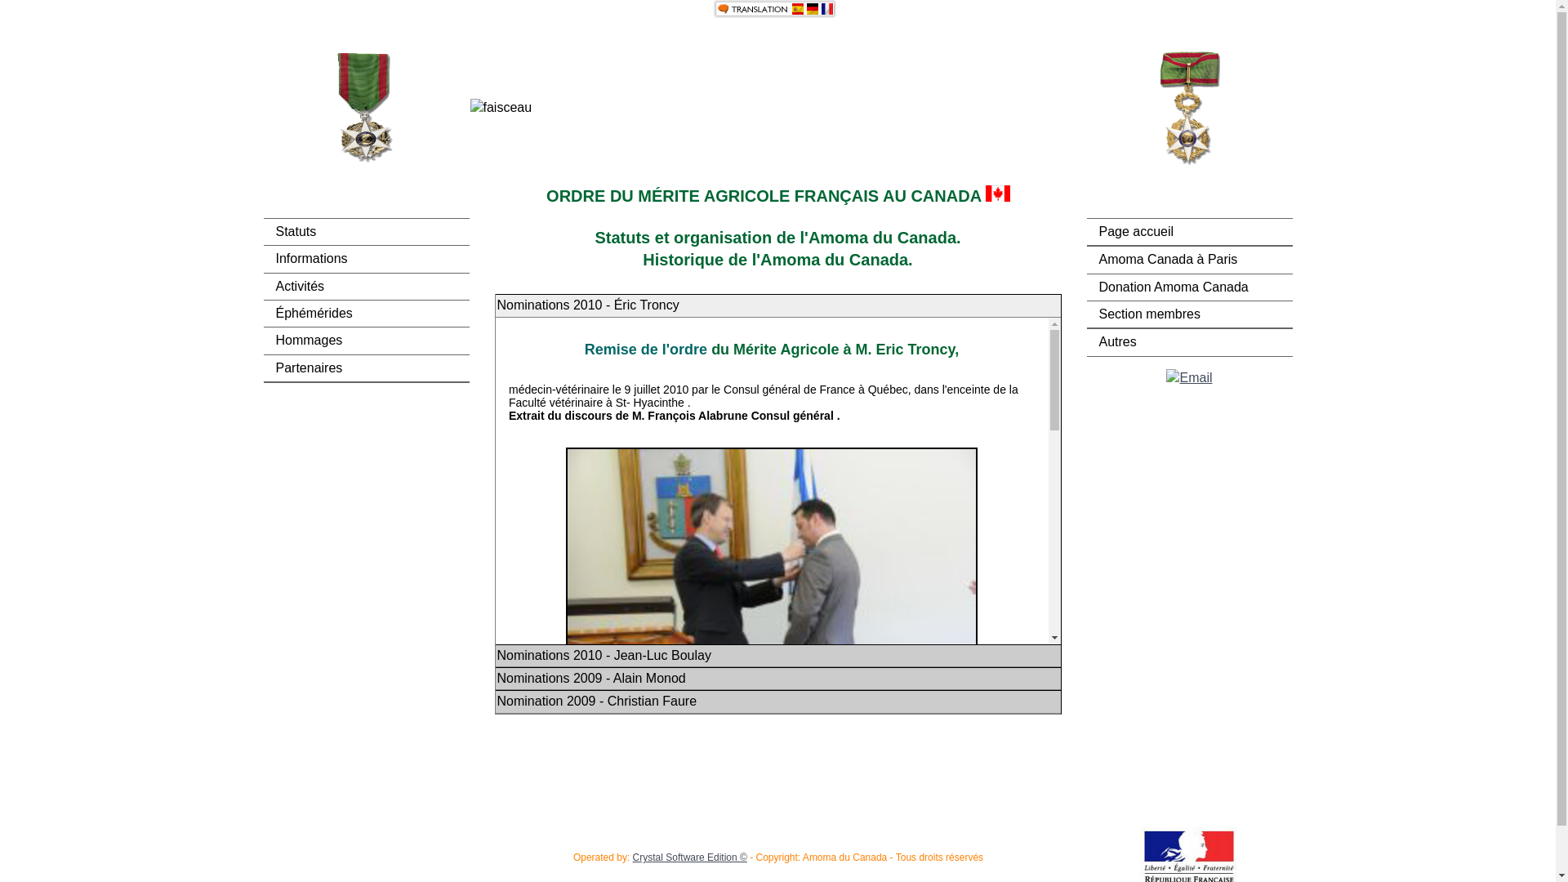 The height and width of the screenshot is (882, 1568). Describe the element at coordinates (364, 368) in the screenshot. I see `'Partenaires'` at that location.